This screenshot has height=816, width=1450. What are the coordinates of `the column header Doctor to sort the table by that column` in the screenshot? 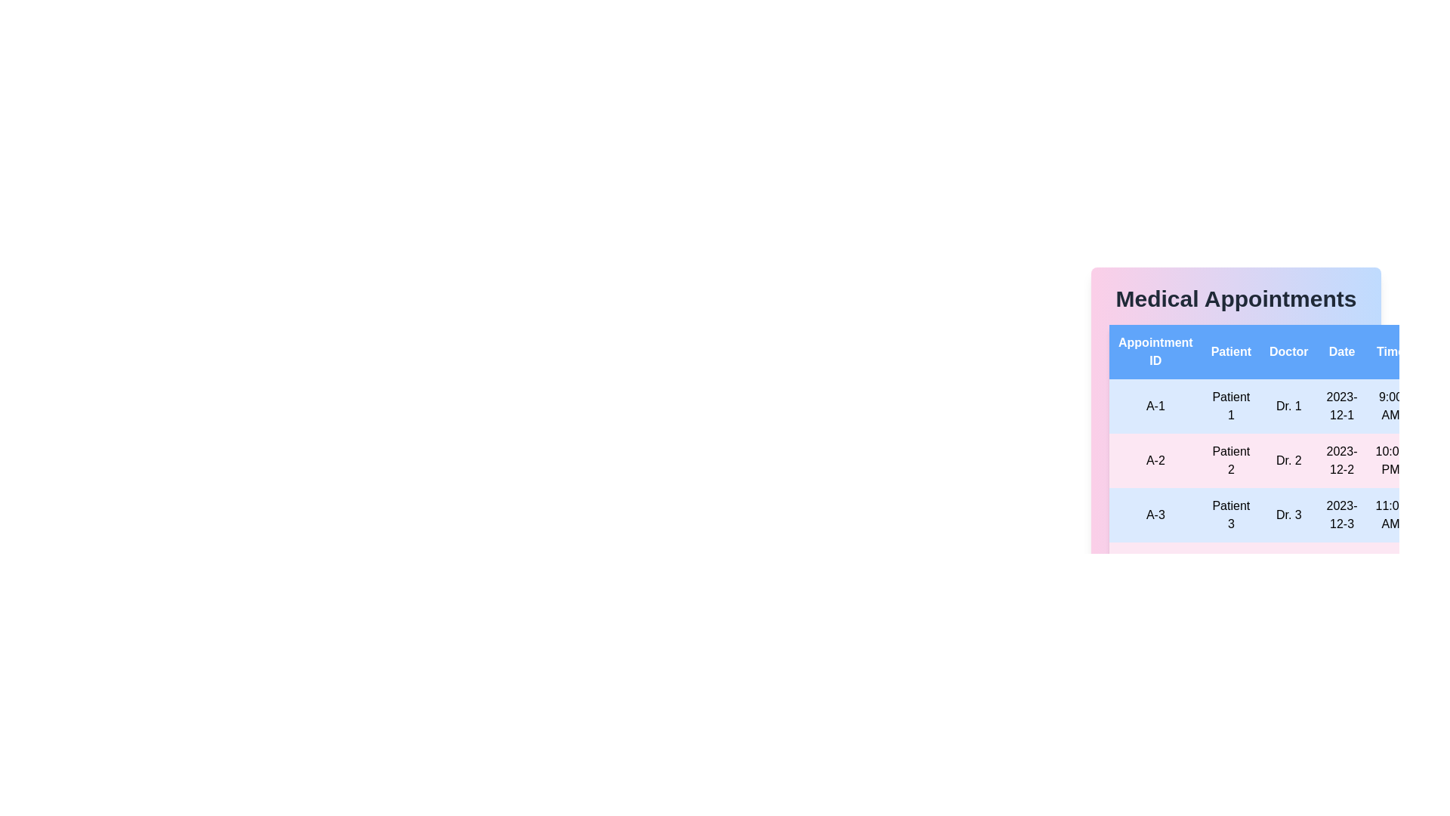 It's located at (1288, 352).